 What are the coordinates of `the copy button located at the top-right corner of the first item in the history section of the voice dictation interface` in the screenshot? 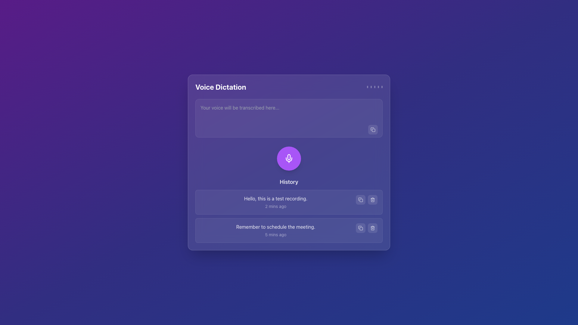 It's located at (361, 200).